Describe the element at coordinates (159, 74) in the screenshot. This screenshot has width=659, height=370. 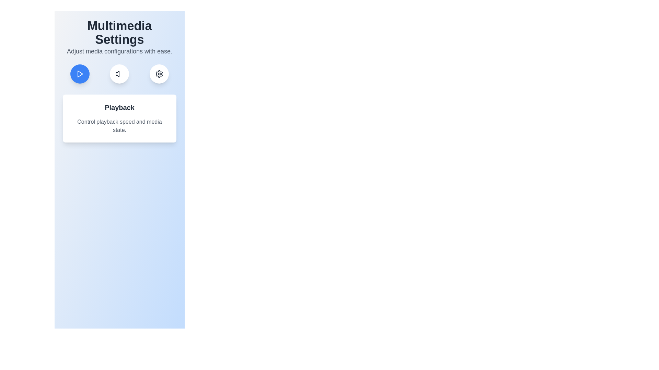
I see `the Settings tab by clicking its corresponding button` at that location.